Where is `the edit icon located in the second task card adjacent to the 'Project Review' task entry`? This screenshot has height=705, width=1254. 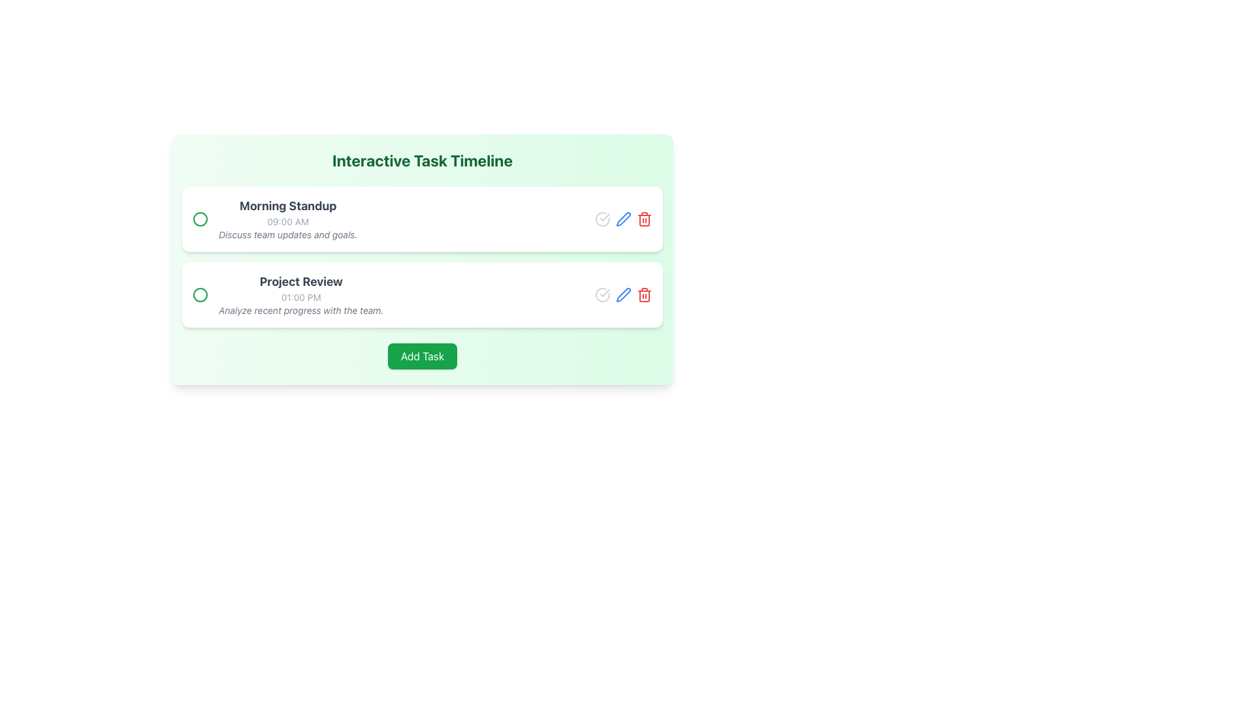 the edit icon located in the second task card adjacent to the 'Project Review' task entry is located at coordinates (622, 218).